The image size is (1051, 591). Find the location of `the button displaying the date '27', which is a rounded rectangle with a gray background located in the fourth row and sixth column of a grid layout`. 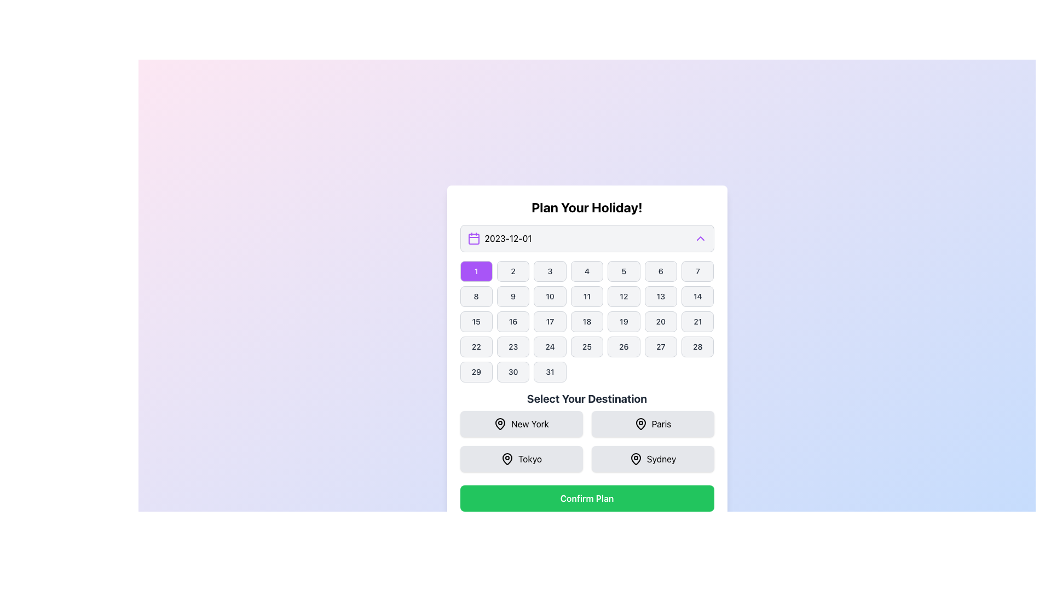

the button displaying the date '27', which is a rounded rectangle with a gray background located in the fourth row and sixth column of a grid layout is located at coordinates (660, 346).